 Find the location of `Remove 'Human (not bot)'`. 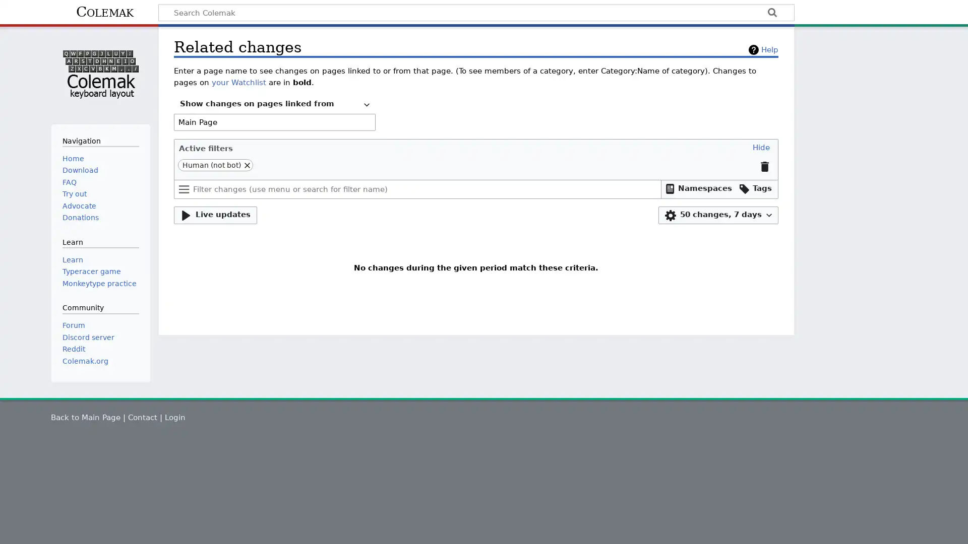

Remove 'Human (not bot)' is located at coordinates (247, 164).